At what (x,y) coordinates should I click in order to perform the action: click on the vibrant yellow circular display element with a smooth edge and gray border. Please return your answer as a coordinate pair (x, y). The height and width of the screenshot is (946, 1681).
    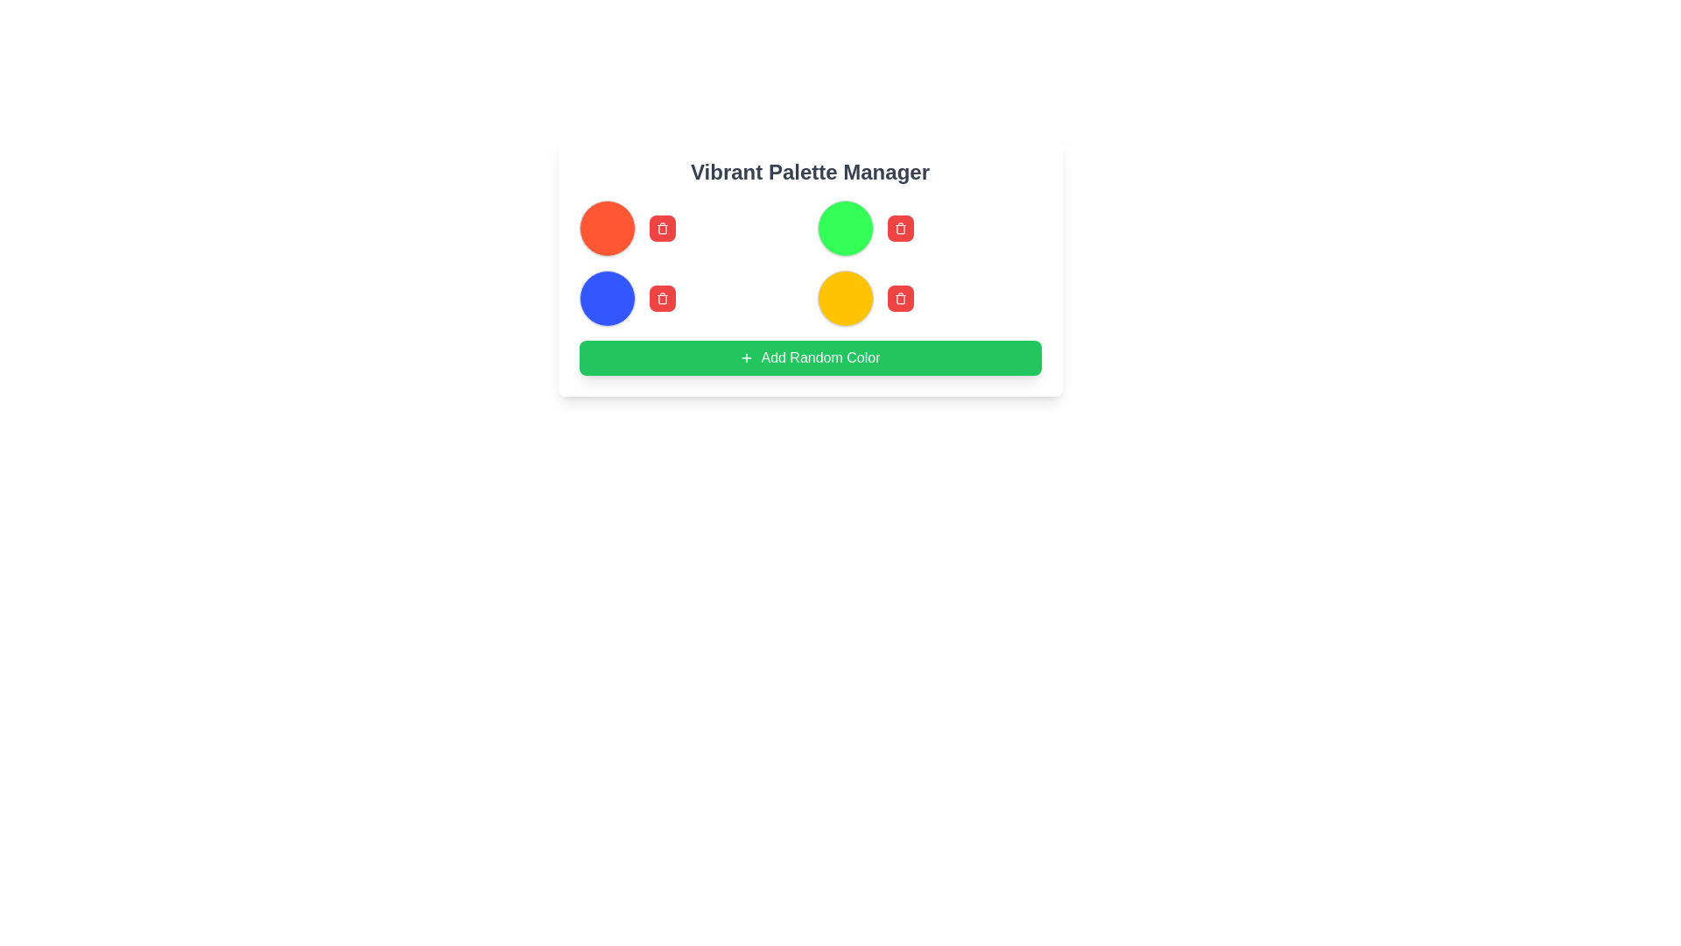
    Looking at the image, I should click on (845, 297).